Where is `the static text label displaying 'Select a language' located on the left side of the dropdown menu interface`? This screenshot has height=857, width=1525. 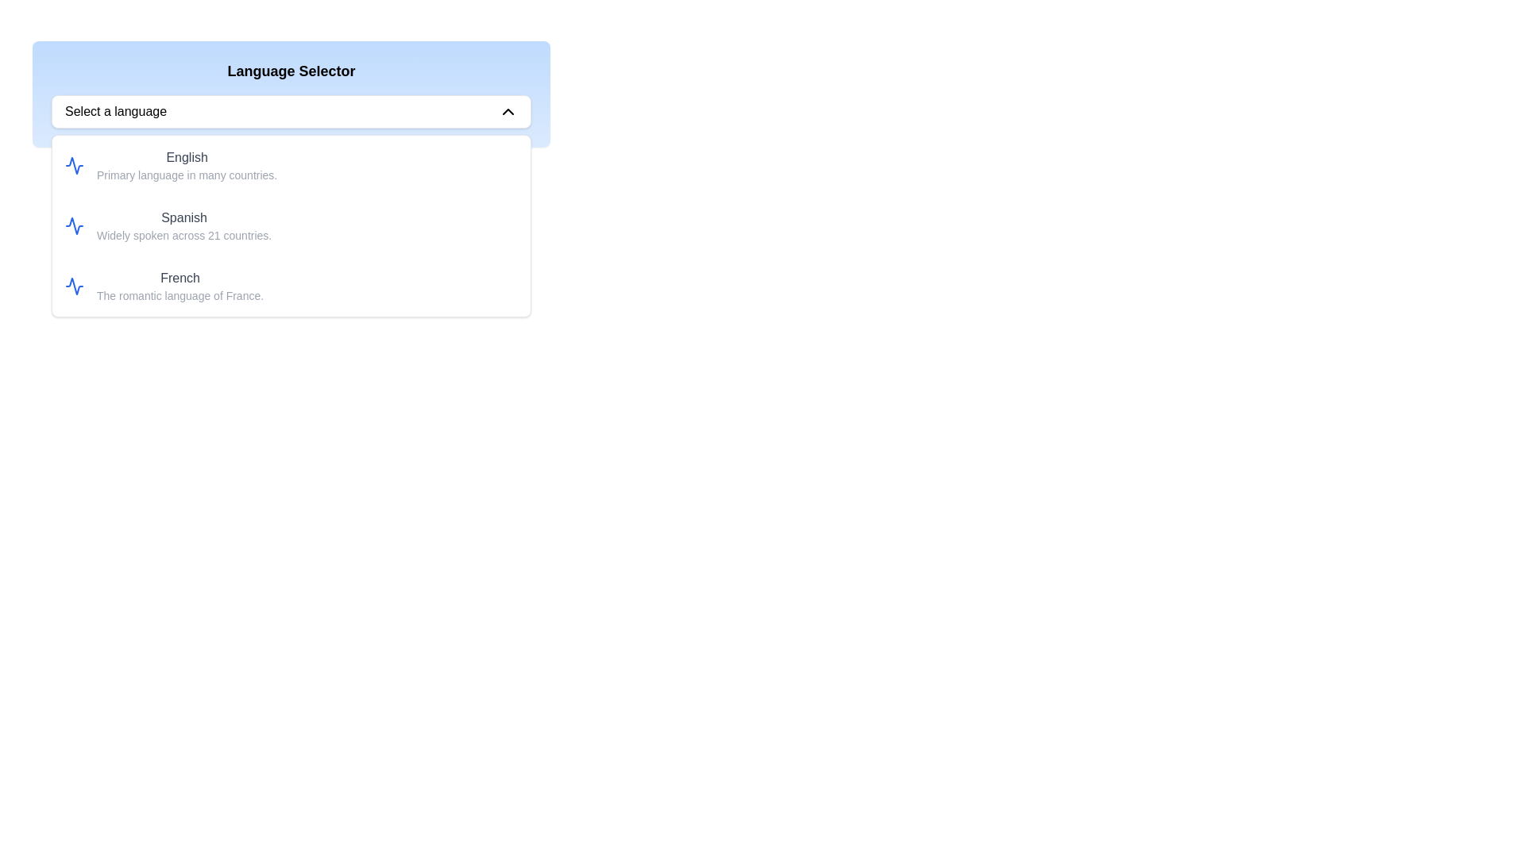
the static text label displaying 'Select a language' located on the left side of the dropdown menu interface is located at coordinates (115, 111).